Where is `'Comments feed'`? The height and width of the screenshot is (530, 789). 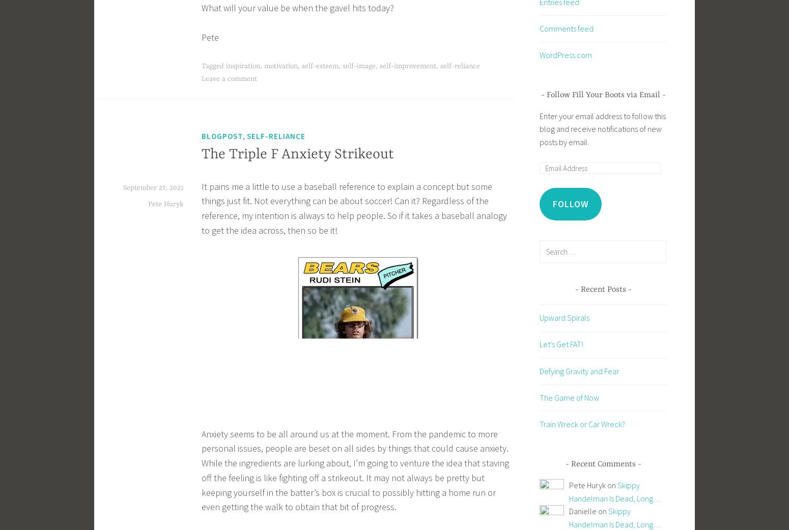 'Comments feed' is located at coordinates (566, 27).